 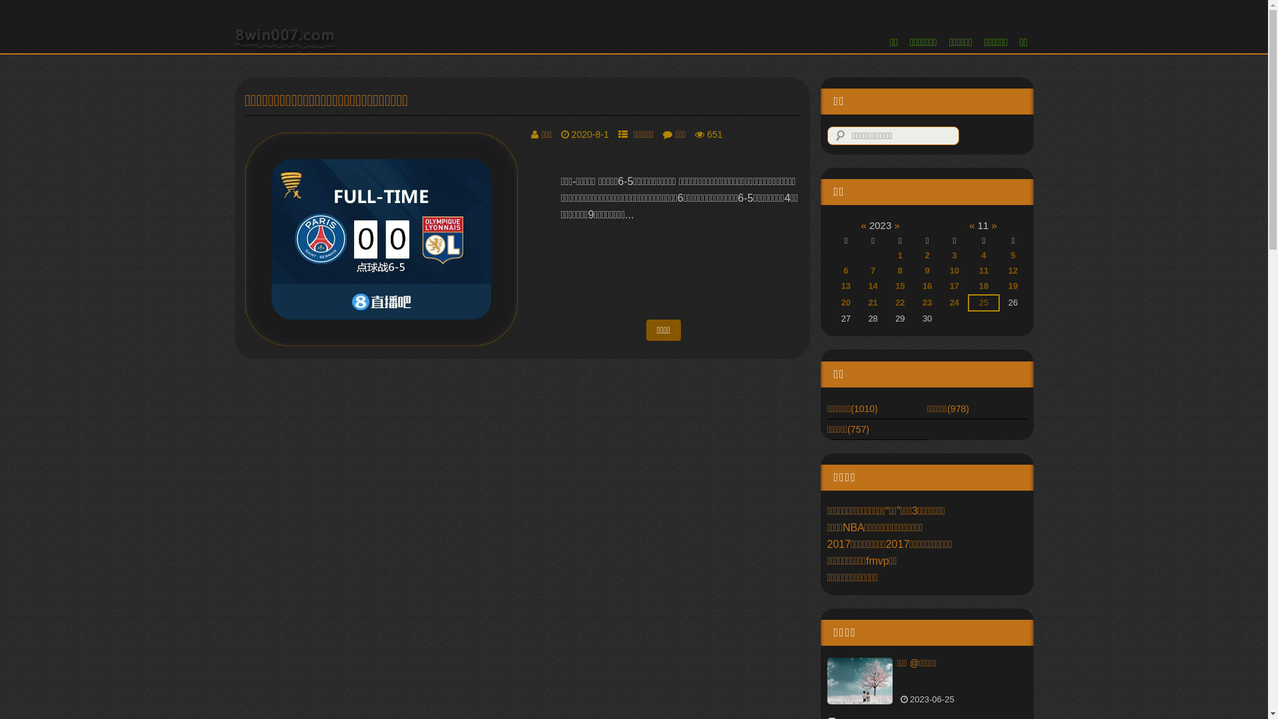 What do you see at coordinates (1012, 255) in the screenshot?
I see `'5'` at bounding box center [1012, 255].